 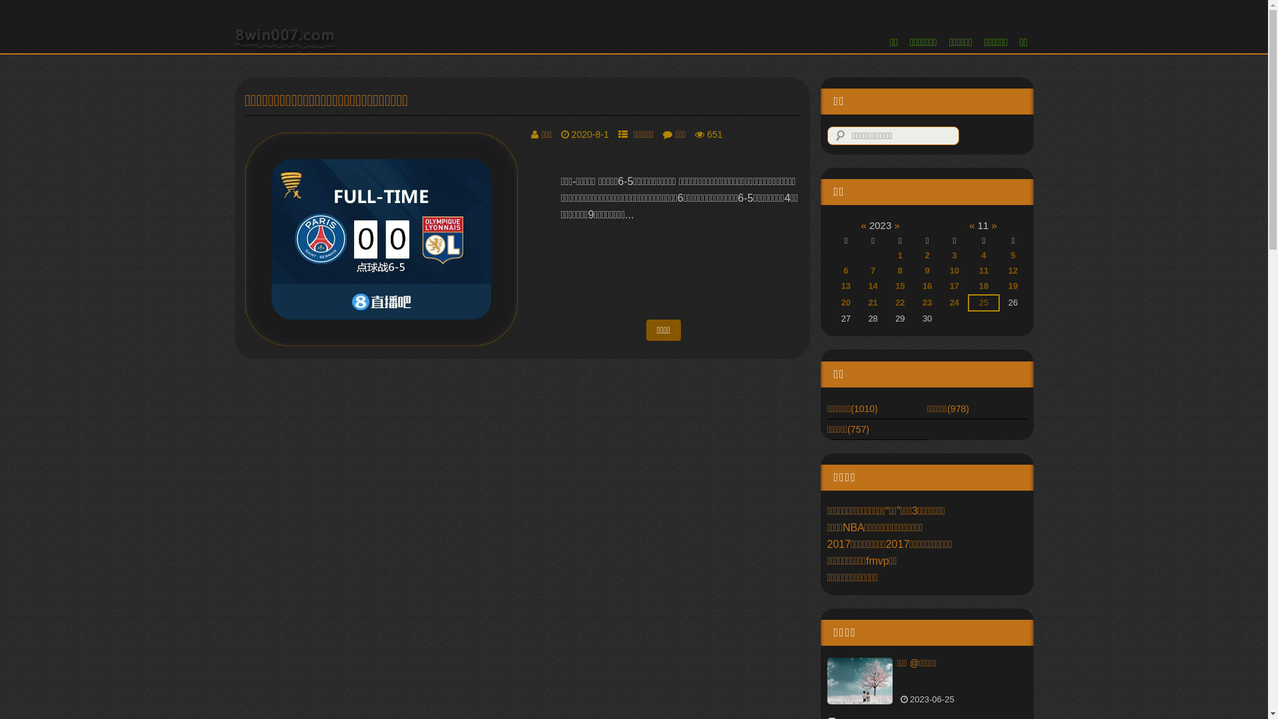 What do you see at coordinates (1012, 255) in the screenshot?
I see `'5'` at bounding box center [1012, 255].